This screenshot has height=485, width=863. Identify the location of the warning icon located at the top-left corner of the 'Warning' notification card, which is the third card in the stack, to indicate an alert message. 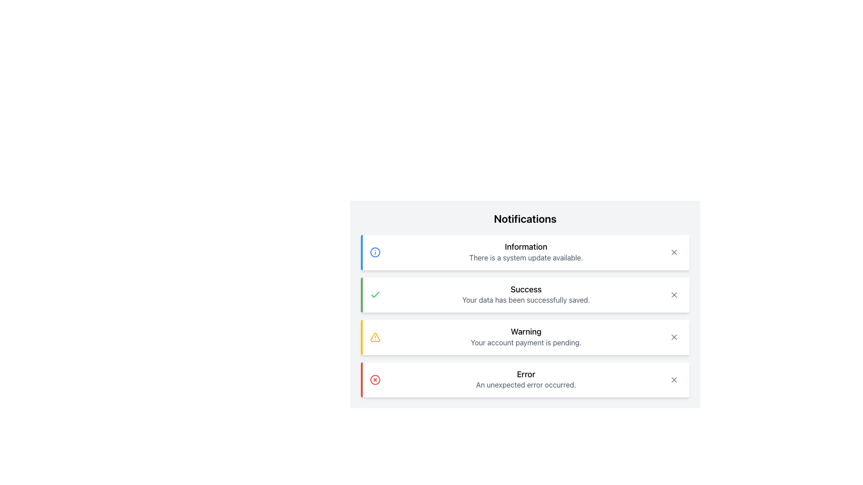
(375, 337).